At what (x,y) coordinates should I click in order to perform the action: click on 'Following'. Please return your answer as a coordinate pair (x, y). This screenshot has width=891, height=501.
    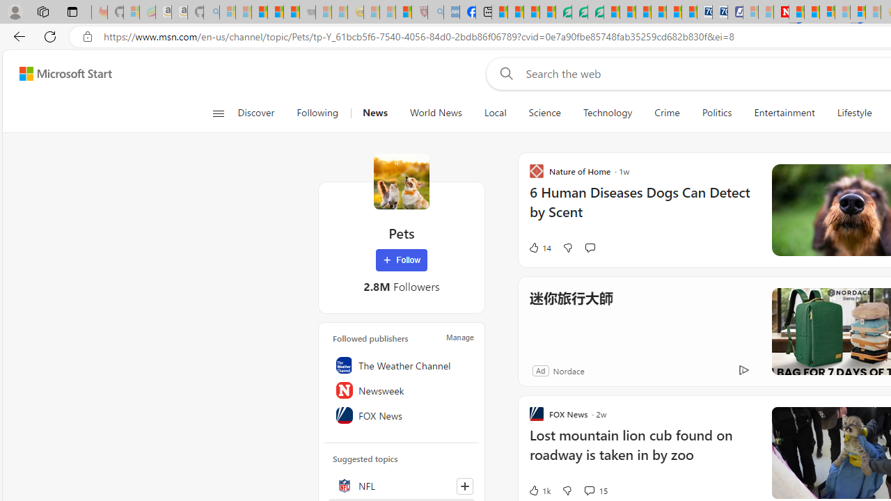
    Looking at the image, I should click on (317, 113).